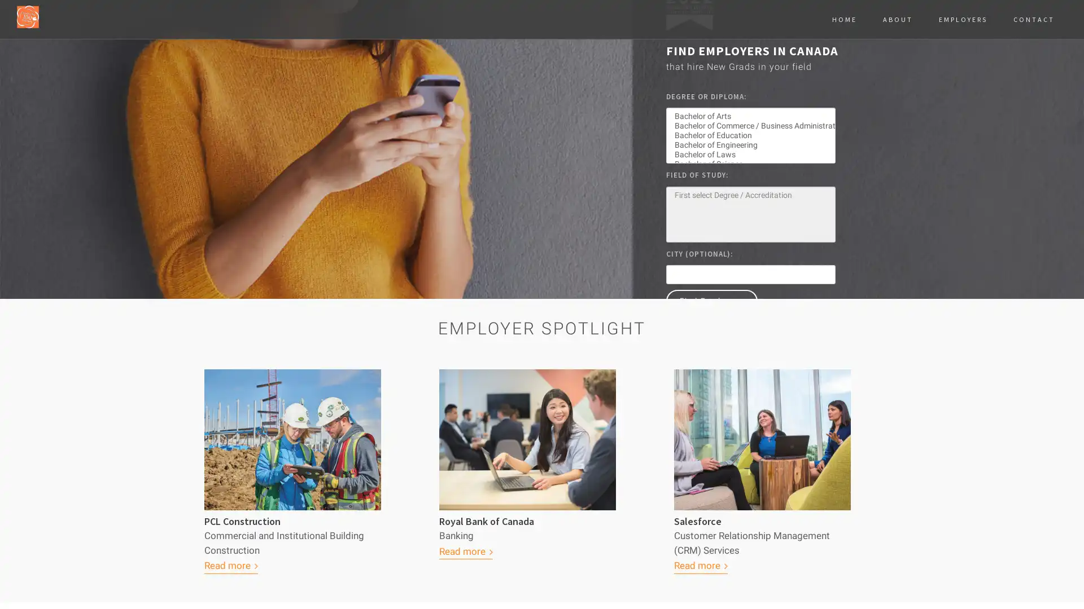 The height and width of the screenshot is (609, 1084). What do you see at coordinates (711, 476) in the screenshot?
I see `Find Employers` at bounding box center [711, 476].